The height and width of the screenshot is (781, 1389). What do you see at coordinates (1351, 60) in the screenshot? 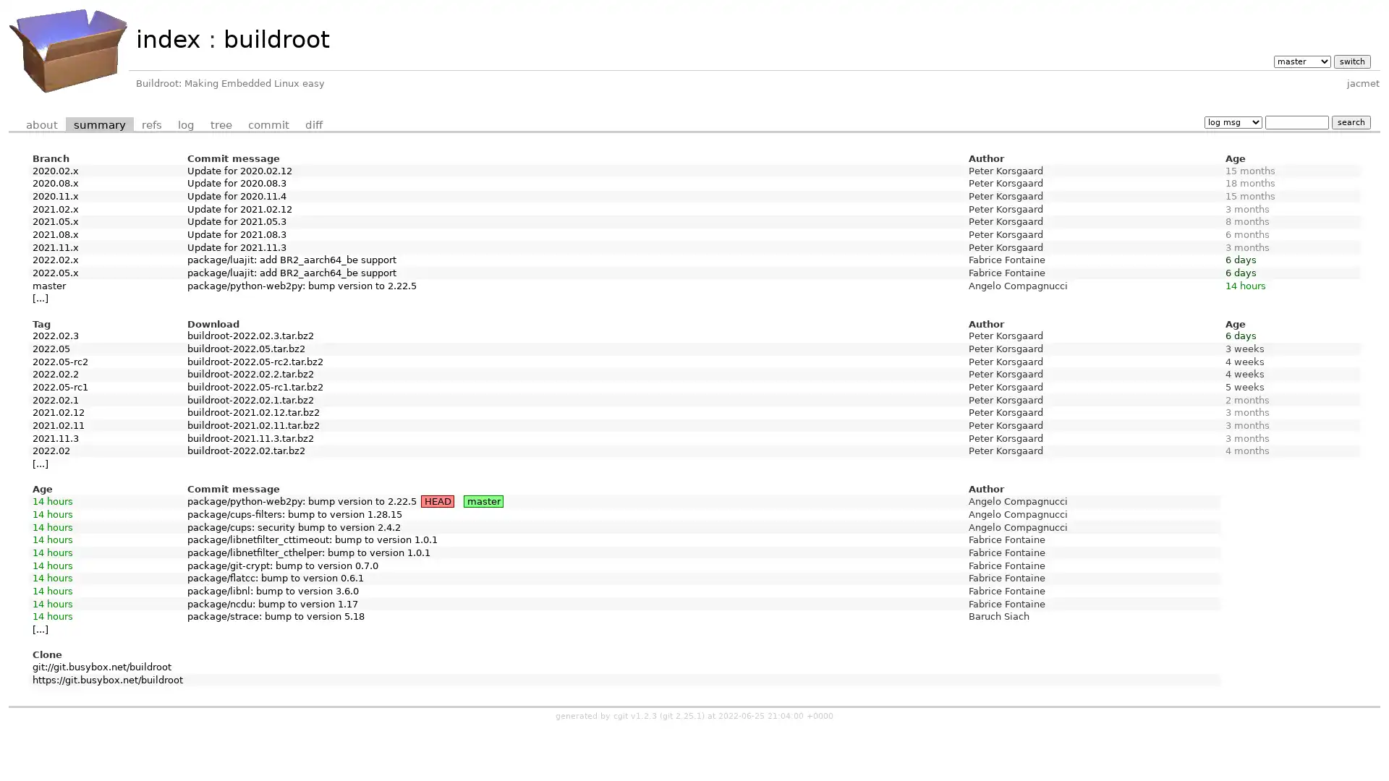
I see `switch` at bounding box center [1351, 60].